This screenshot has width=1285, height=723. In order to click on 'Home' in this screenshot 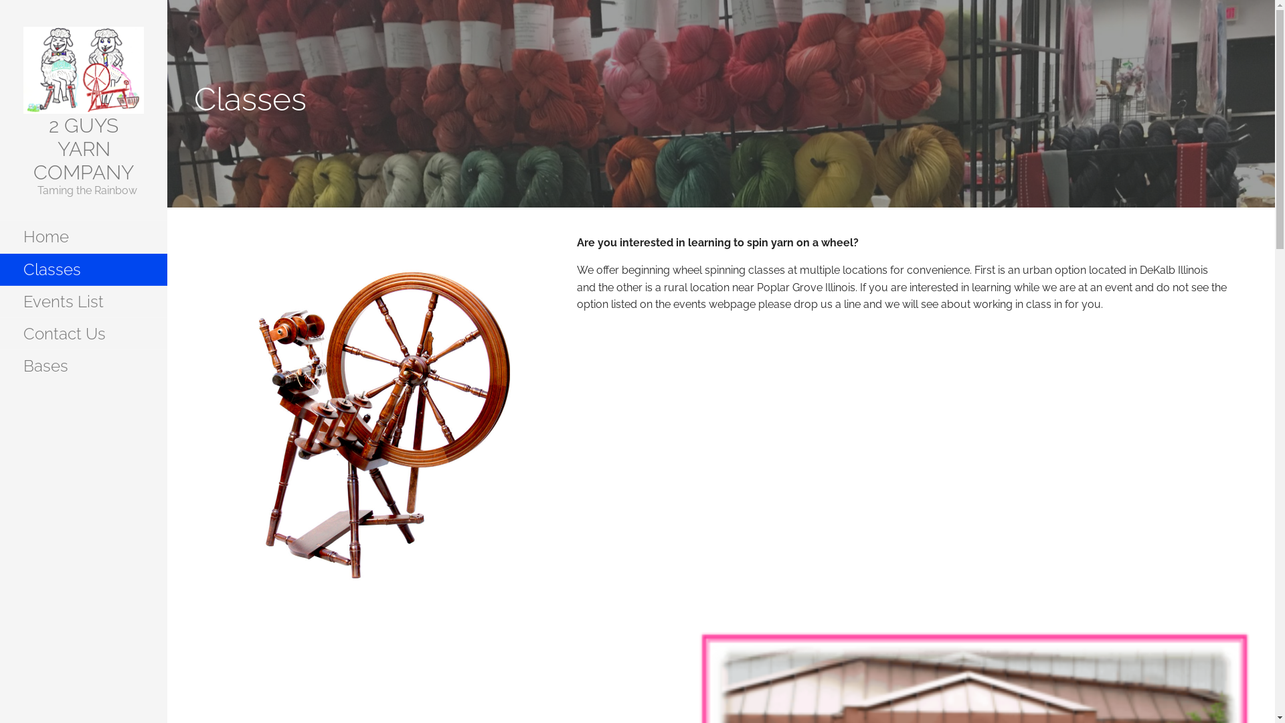, I will do `click(0, 236)`.